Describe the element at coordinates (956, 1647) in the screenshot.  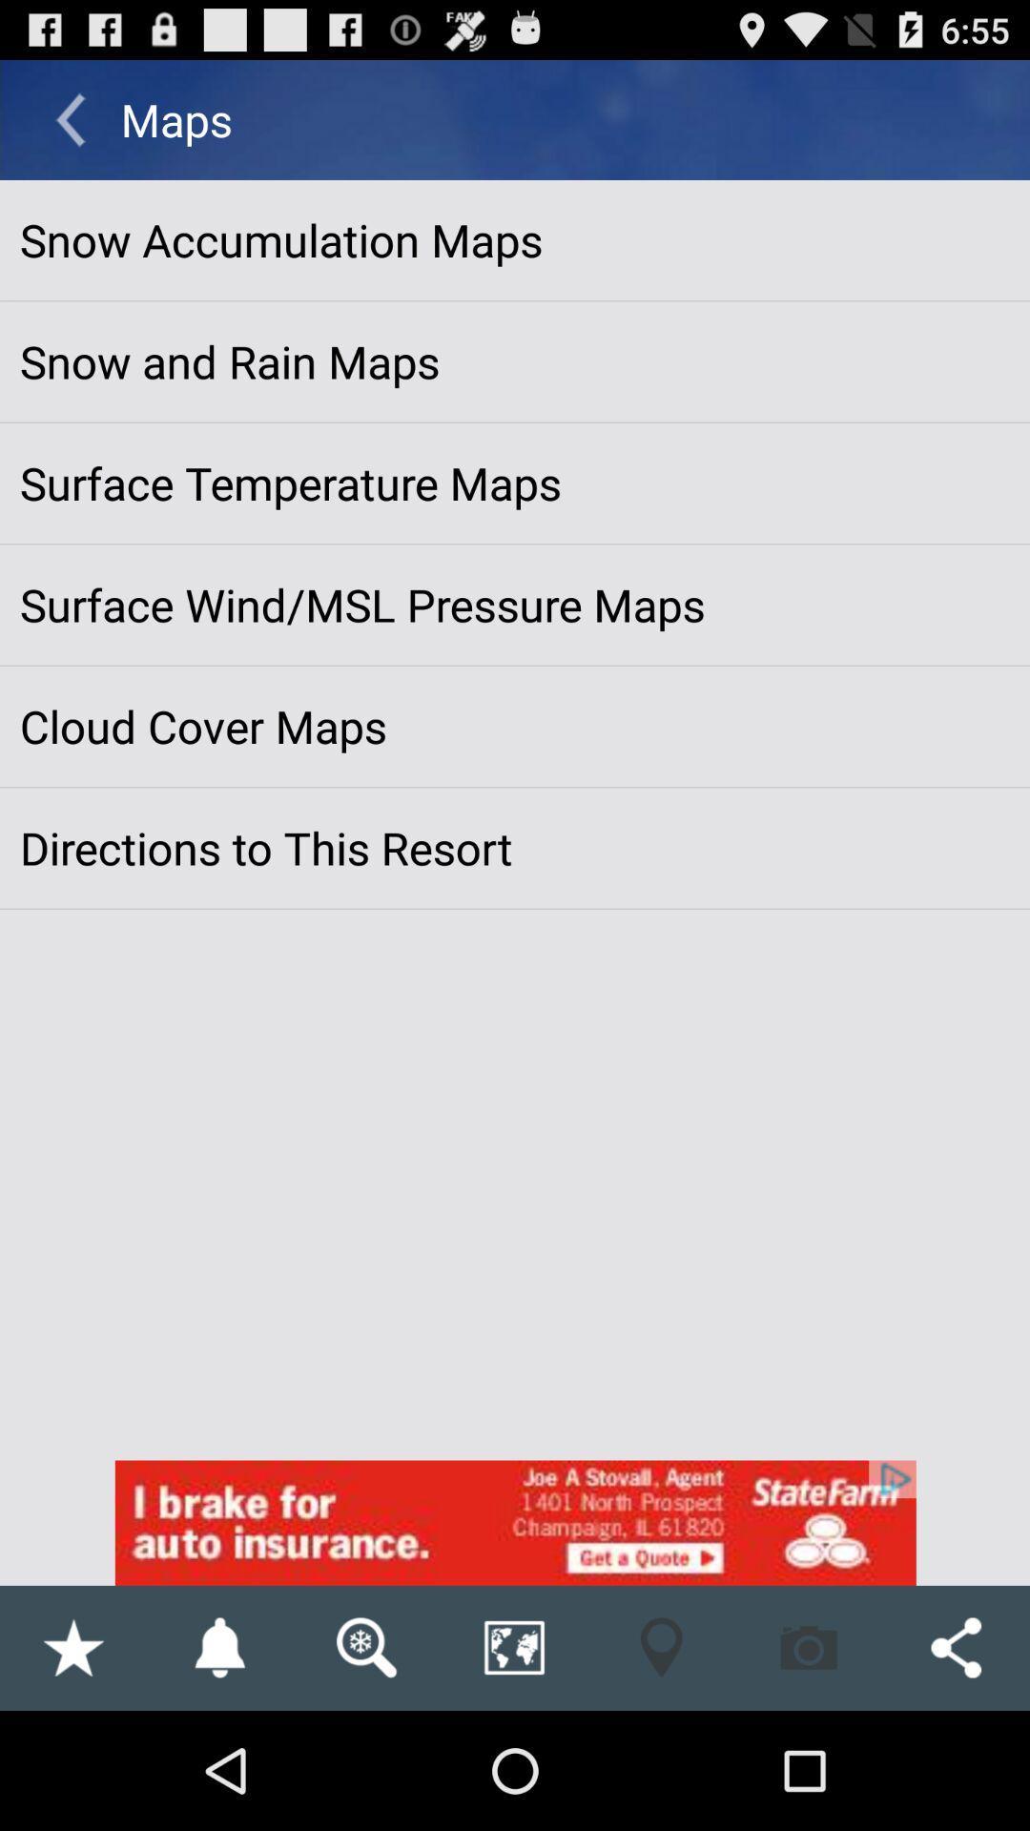
I see `the share button on the bottom right corner of the web page` at that location.